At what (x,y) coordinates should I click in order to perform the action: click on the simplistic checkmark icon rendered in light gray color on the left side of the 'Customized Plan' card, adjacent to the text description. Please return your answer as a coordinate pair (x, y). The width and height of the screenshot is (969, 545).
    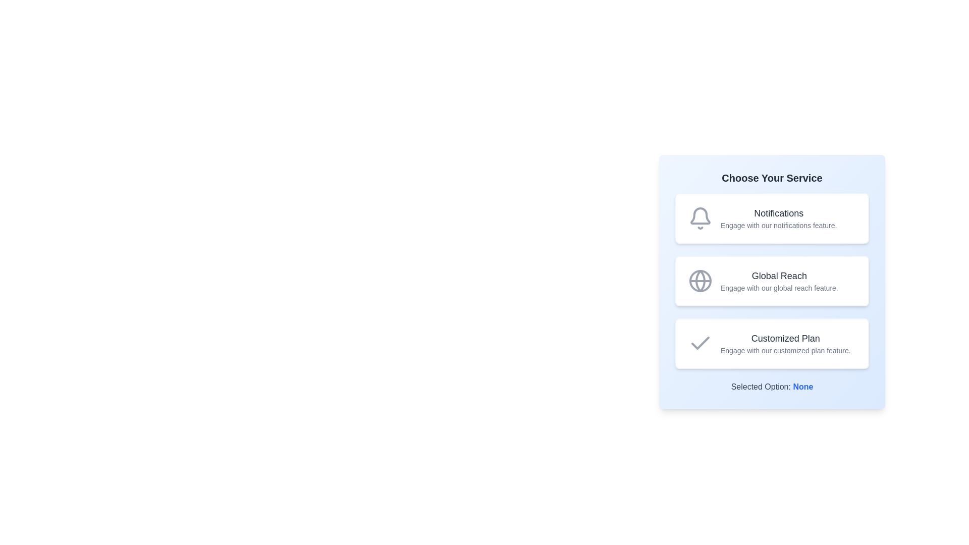
    Looking at the image, I should click on (699, 343).